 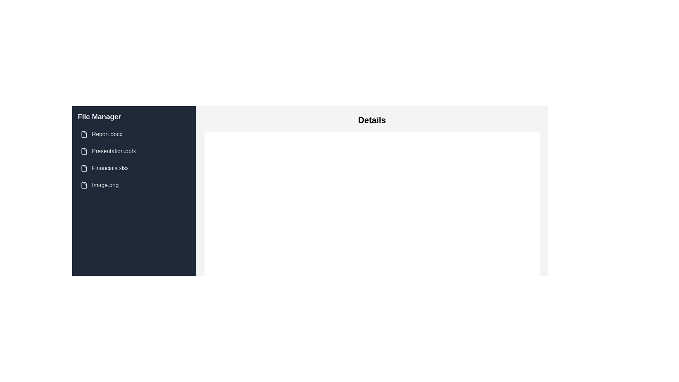 I want to click on the list item displaying the file name 'Financials.xlsx' to trigger the hover effect, so click(x=134, y=168).